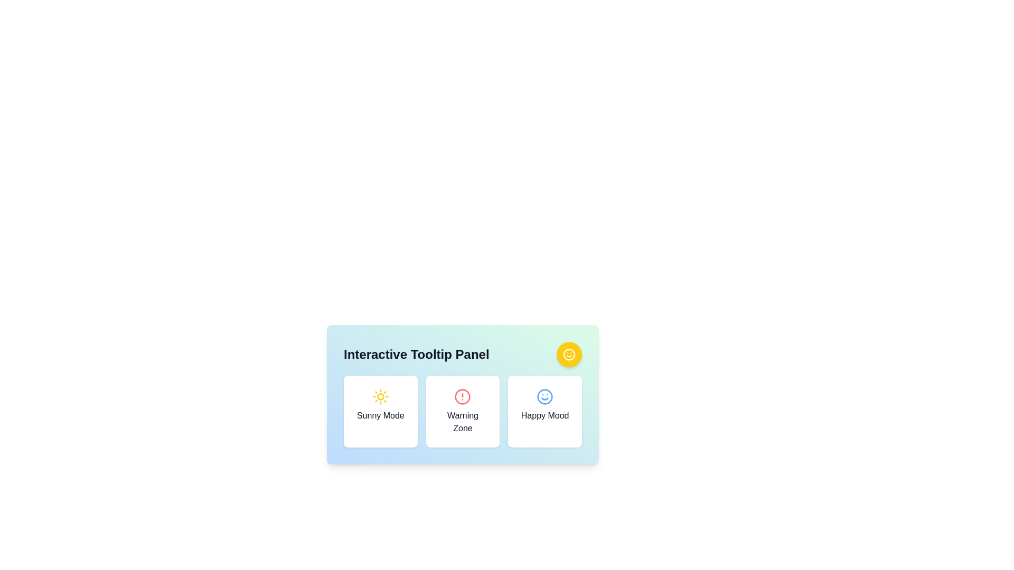  I want to click on text label 'Sunny Mode' located at the base of the leftmost card in a three-card horizontal layout, positioned directly under the yellow sun icon, so click(380, 415).